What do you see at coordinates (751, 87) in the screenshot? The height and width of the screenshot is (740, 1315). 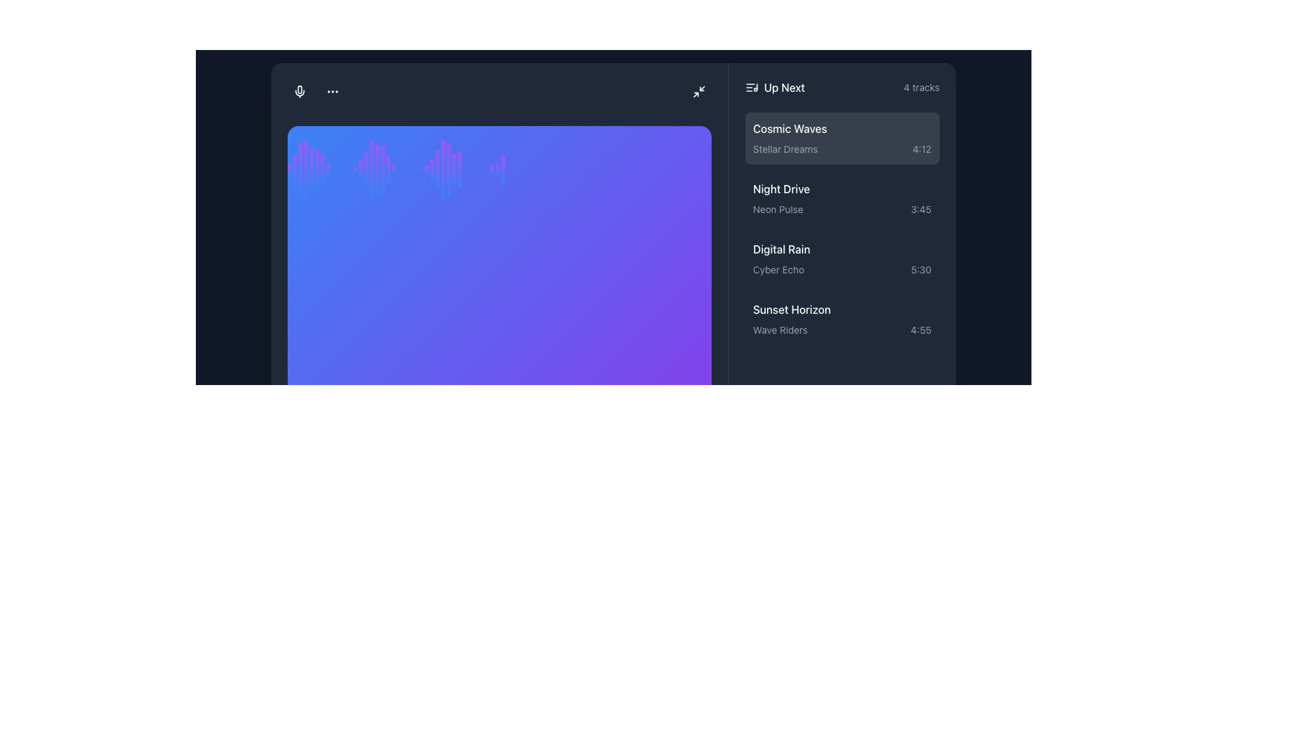 I see `the playlist or queue icon located to the left of the 'Up Next' text in the top-left corner of the 'Up Next' section` at bounding box center [751, 87].